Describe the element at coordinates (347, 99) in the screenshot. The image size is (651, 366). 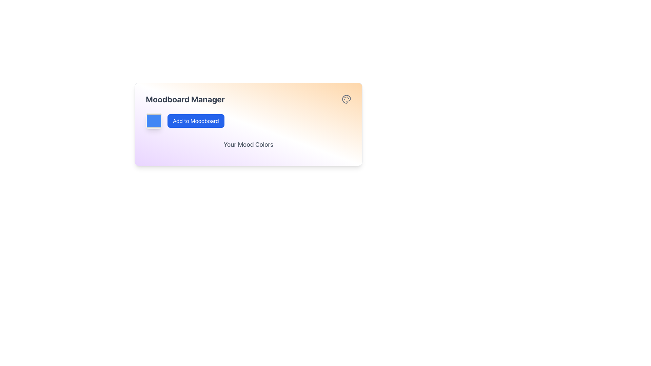
I see `the decorative icon in the Moodboard Manager interface, which represents features related to art, design, or color customization` at that location.